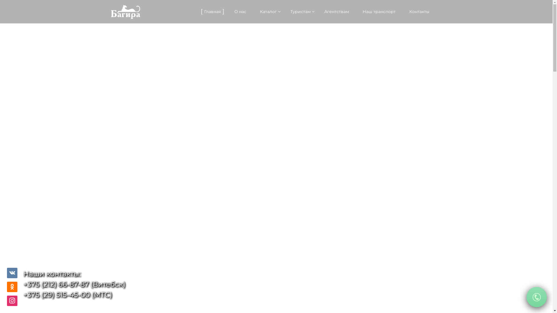  I want to click on 'odnoklassniki', so click(12, 287).